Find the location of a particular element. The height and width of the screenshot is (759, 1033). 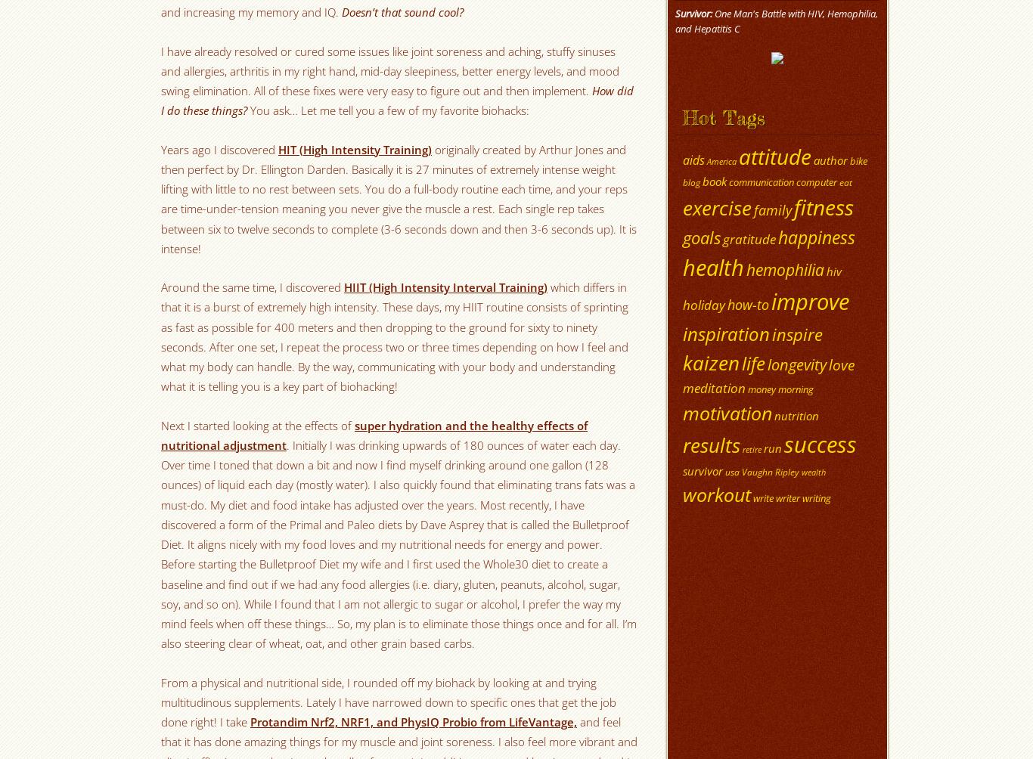

'love' is located at coordinates (841, 364).